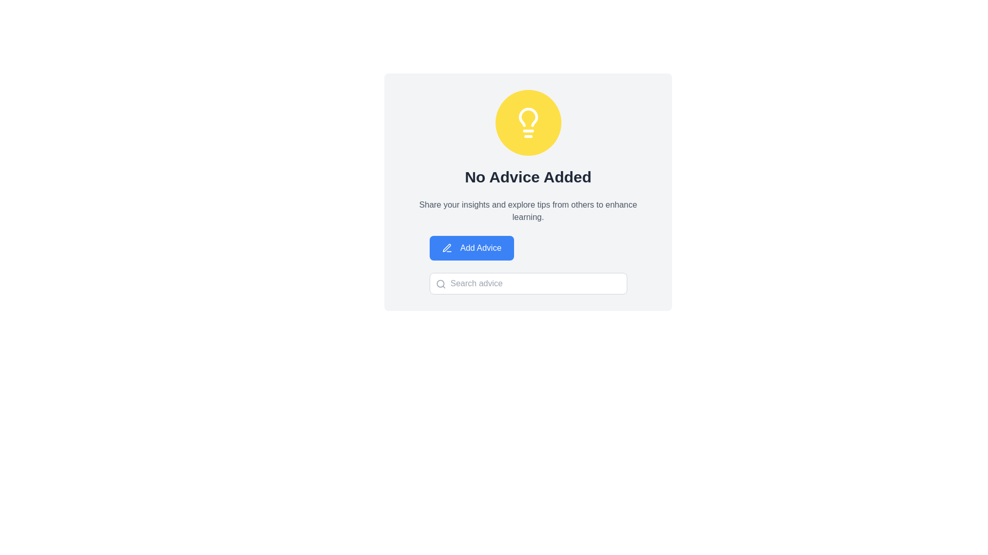 Image resolution: width=988 pixels, height=555 pixels. I want to click on the button that allows users to add advice, located below the 'No Advice Added' heading and preceding the search bar, so click(471, 248).